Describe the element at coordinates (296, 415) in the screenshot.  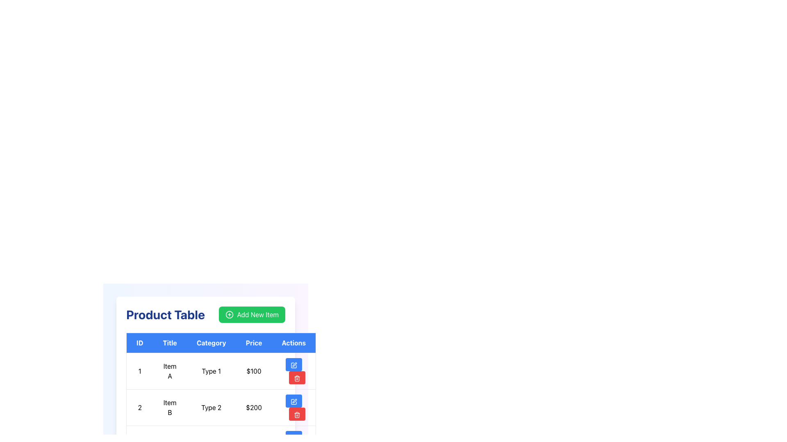
I see `the trash bin icon button located in the second row of the 'Actions' column` at that location.